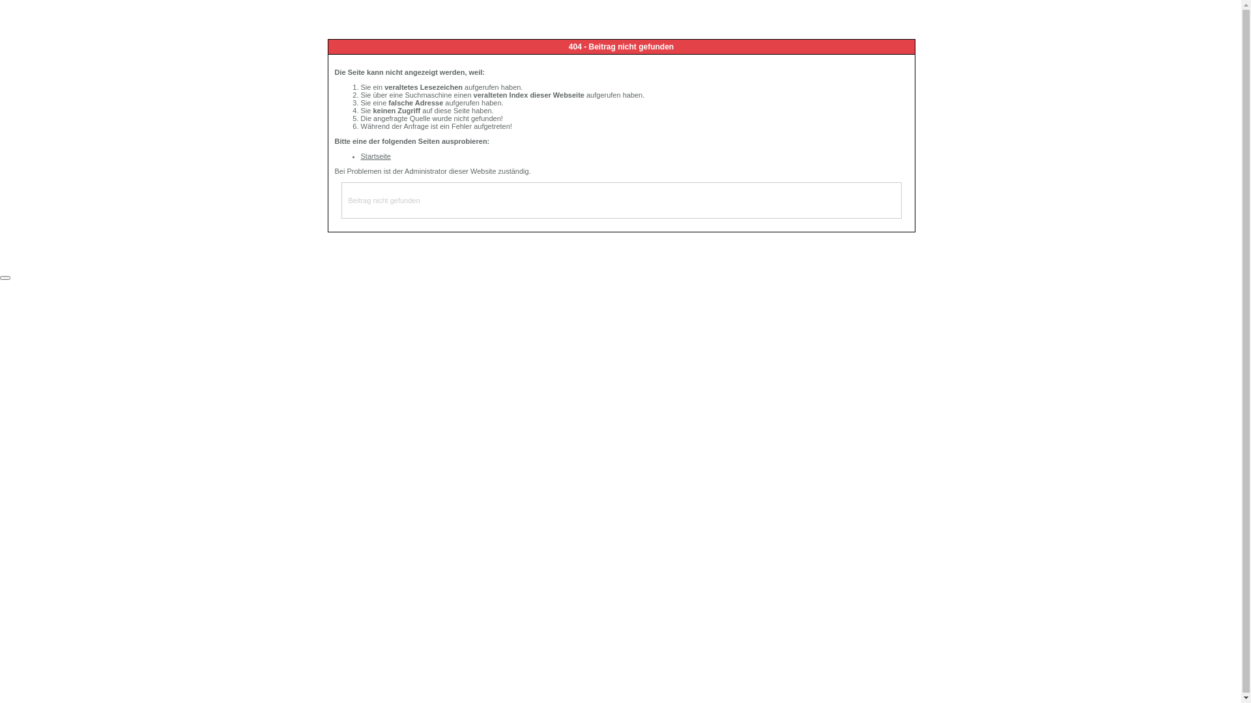 The height and width of the screenshot is (703, 1251). I want to click on 'Startseite', so click(375, 155).